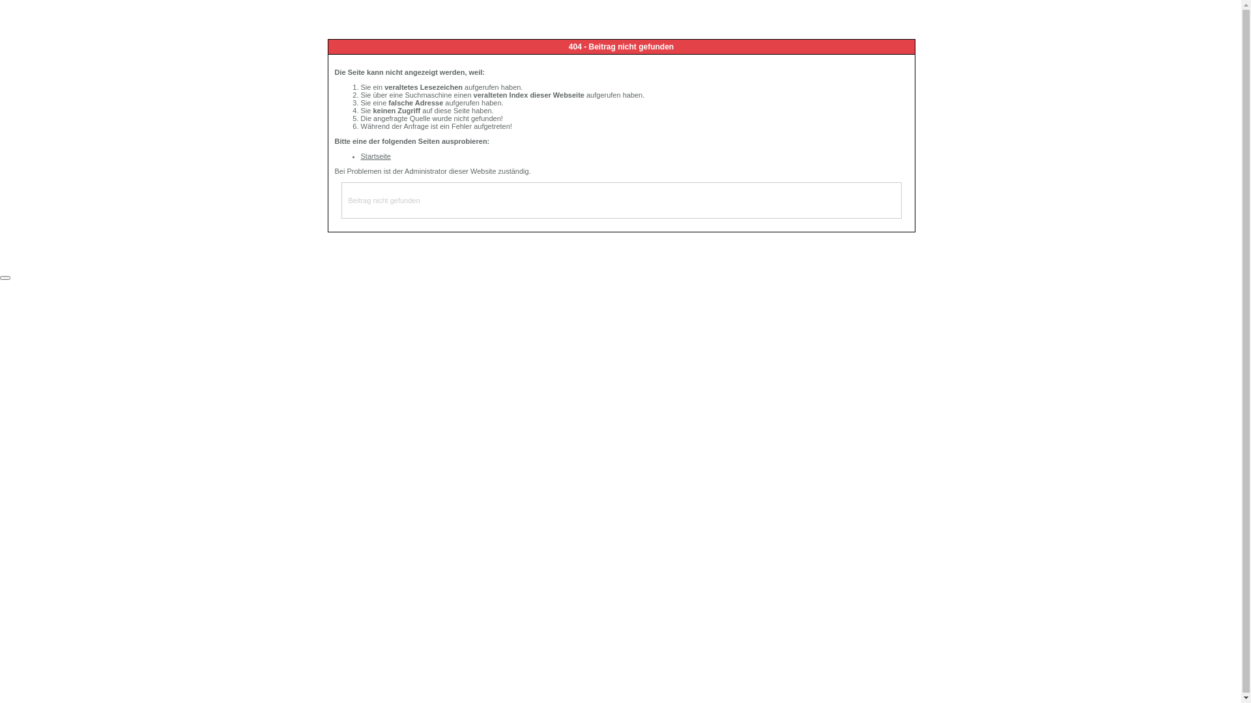 The height and width of the screenshot is (703, 1251). I want to click on 'Startseite', so click(375, 155).